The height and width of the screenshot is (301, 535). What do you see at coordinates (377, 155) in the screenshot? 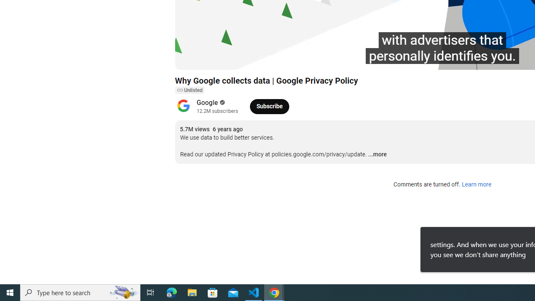
I see `'...more'` at bounding box center [377, 155].